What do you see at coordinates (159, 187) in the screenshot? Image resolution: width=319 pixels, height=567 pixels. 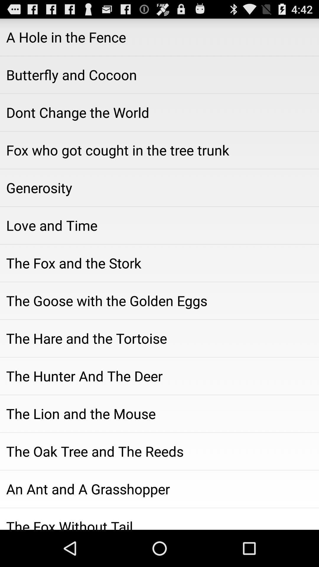 I see `generosity` at bounding box center [159, 187].